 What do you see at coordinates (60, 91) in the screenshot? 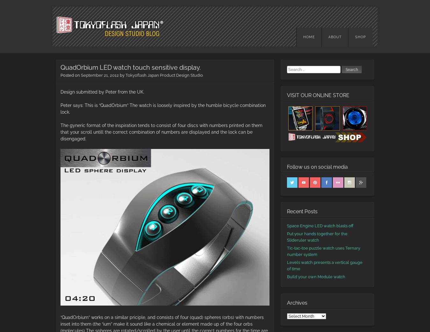
I see `'Design submitted by Peter from the UK.'` at bounding box center [60, 91].